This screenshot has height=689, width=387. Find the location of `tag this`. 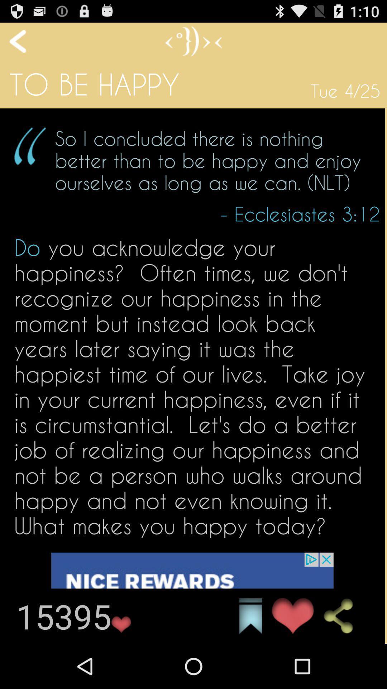

tag this is located at coordinates (250, 616).